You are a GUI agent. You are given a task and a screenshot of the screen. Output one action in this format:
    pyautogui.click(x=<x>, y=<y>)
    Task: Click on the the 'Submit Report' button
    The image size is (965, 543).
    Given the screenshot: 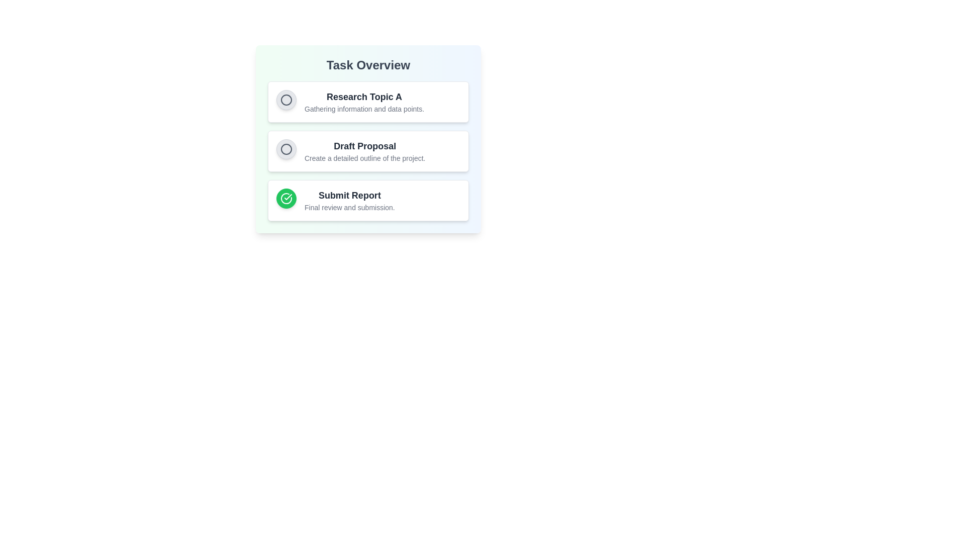 What is the action you would take?
    pyautogui.click(x=286, y=198)
    